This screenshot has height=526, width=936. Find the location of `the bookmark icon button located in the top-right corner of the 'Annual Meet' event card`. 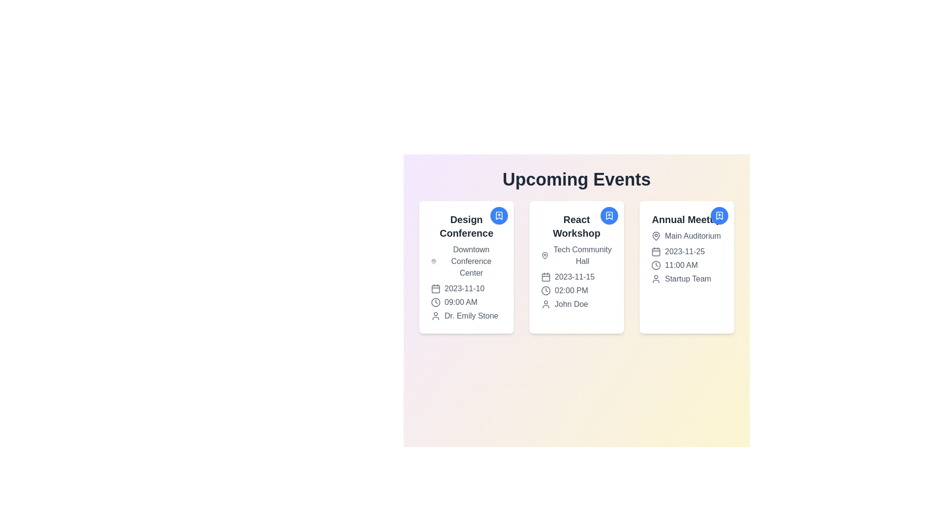

the bookmark icon button located in the top-right corner of the 'Annual Meet' event card is located at coordinates (720, 215).